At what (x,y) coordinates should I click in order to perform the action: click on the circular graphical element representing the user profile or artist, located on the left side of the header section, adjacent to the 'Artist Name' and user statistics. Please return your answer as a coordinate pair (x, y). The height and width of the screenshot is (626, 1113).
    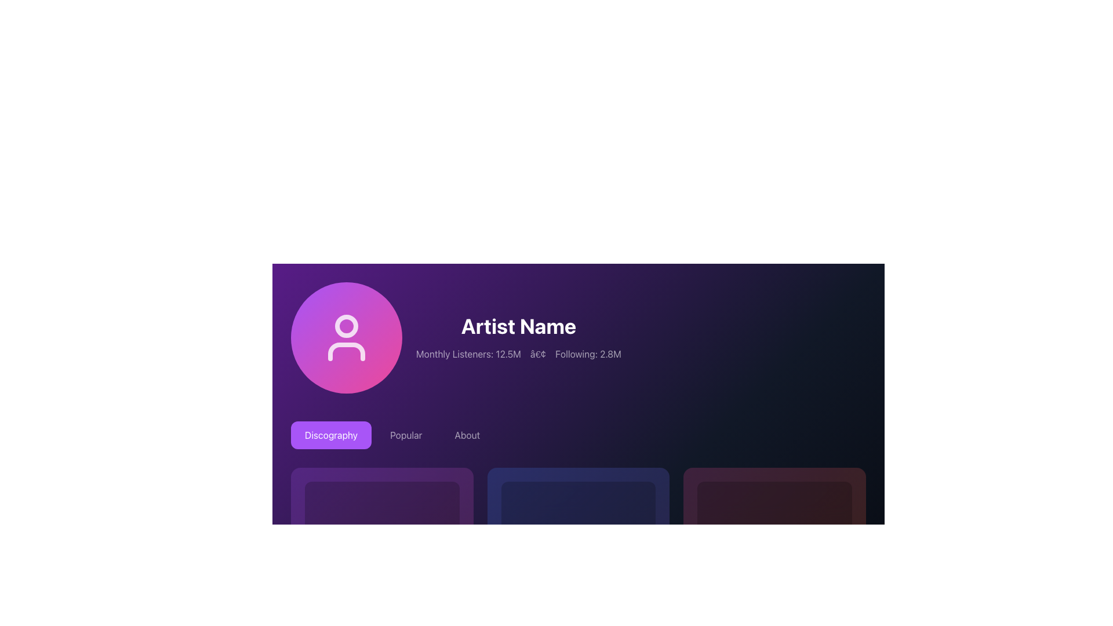
    Looking at the image, I should click on (346, 337).